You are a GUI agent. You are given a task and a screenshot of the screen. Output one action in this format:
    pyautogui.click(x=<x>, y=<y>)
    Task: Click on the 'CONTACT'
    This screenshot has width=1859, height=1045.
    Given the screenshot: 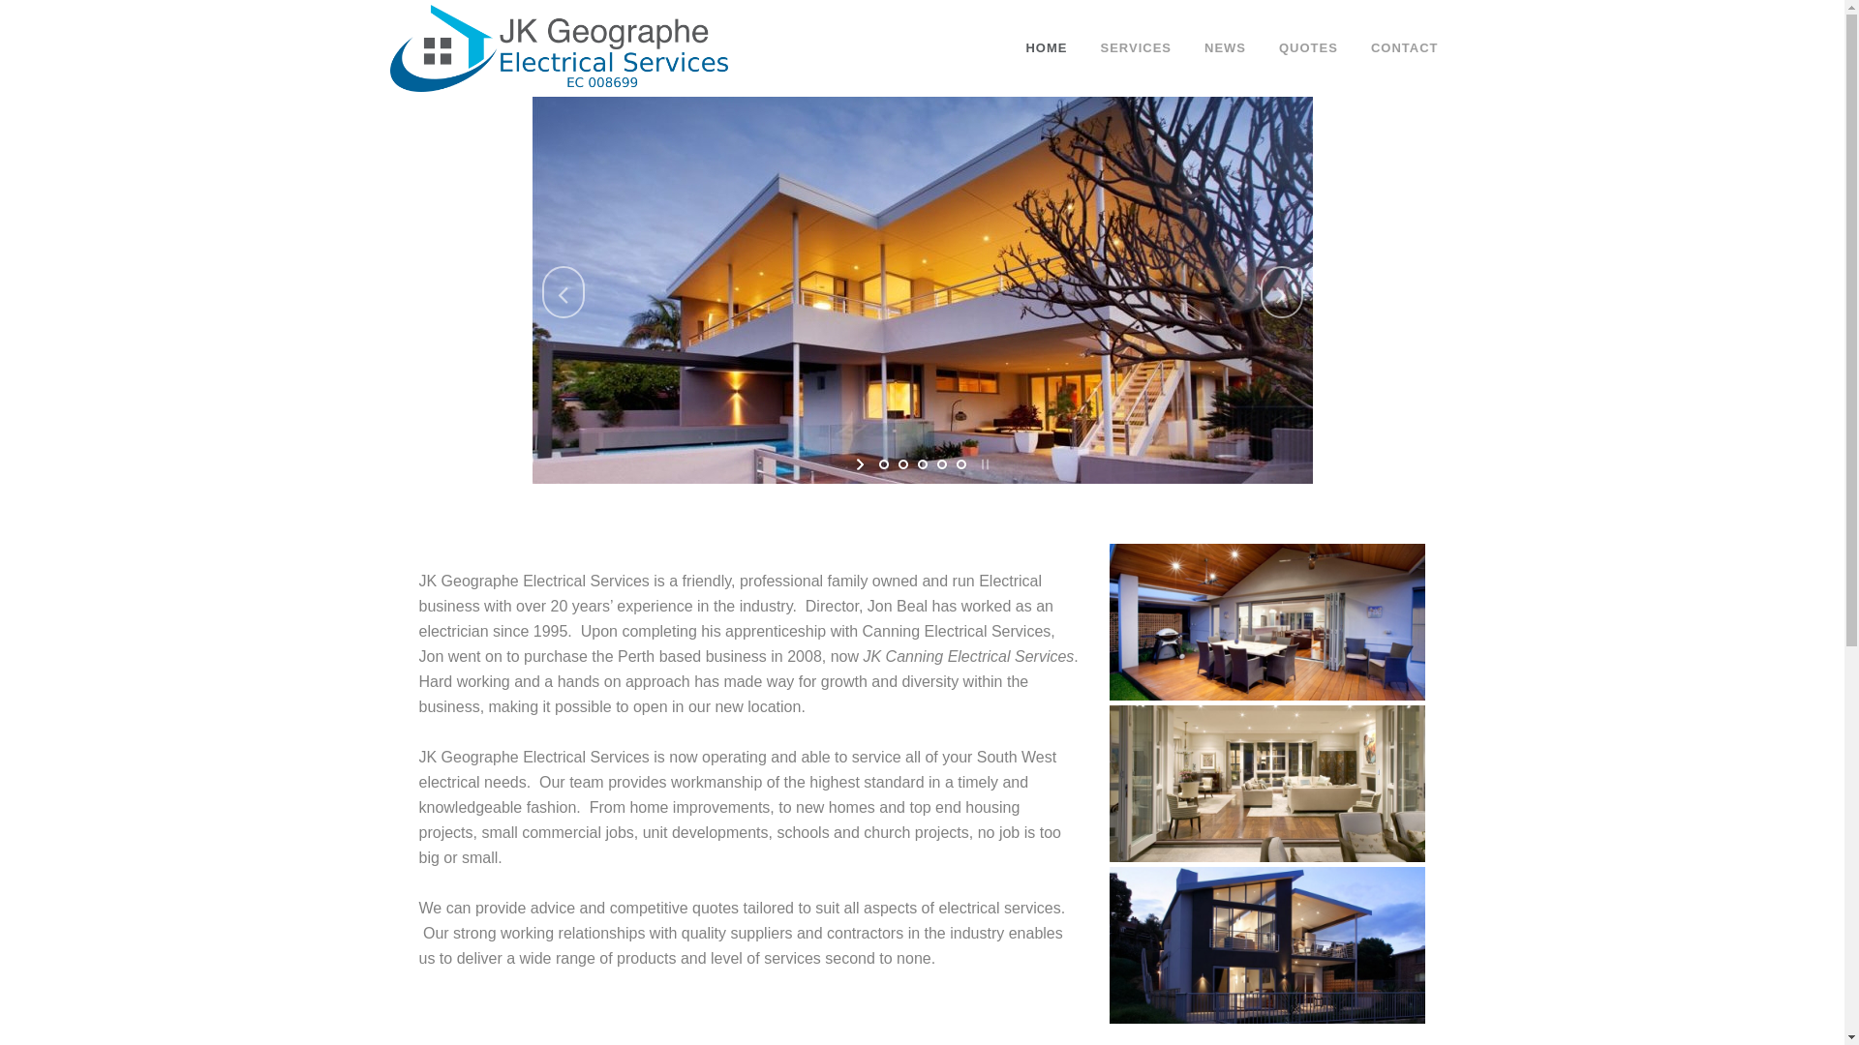 What is the action you would take?
    pyautogui.click(x=1404, y=47)
    